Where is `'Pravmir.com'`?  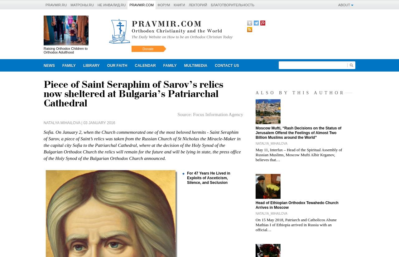
'Pravmir.com' is located at coordinates (141, 5).